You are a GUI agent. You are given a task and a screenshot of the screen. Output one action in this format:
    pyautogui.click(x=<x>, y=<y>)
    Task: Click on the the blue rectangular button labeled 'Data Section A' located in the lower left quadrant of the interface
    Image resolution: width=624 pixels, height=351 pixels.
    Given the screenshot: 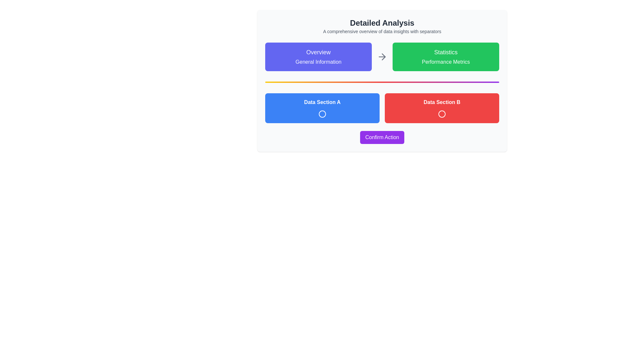 What is the action you would take?
    pyautogui.click(x=322, y=108)
    